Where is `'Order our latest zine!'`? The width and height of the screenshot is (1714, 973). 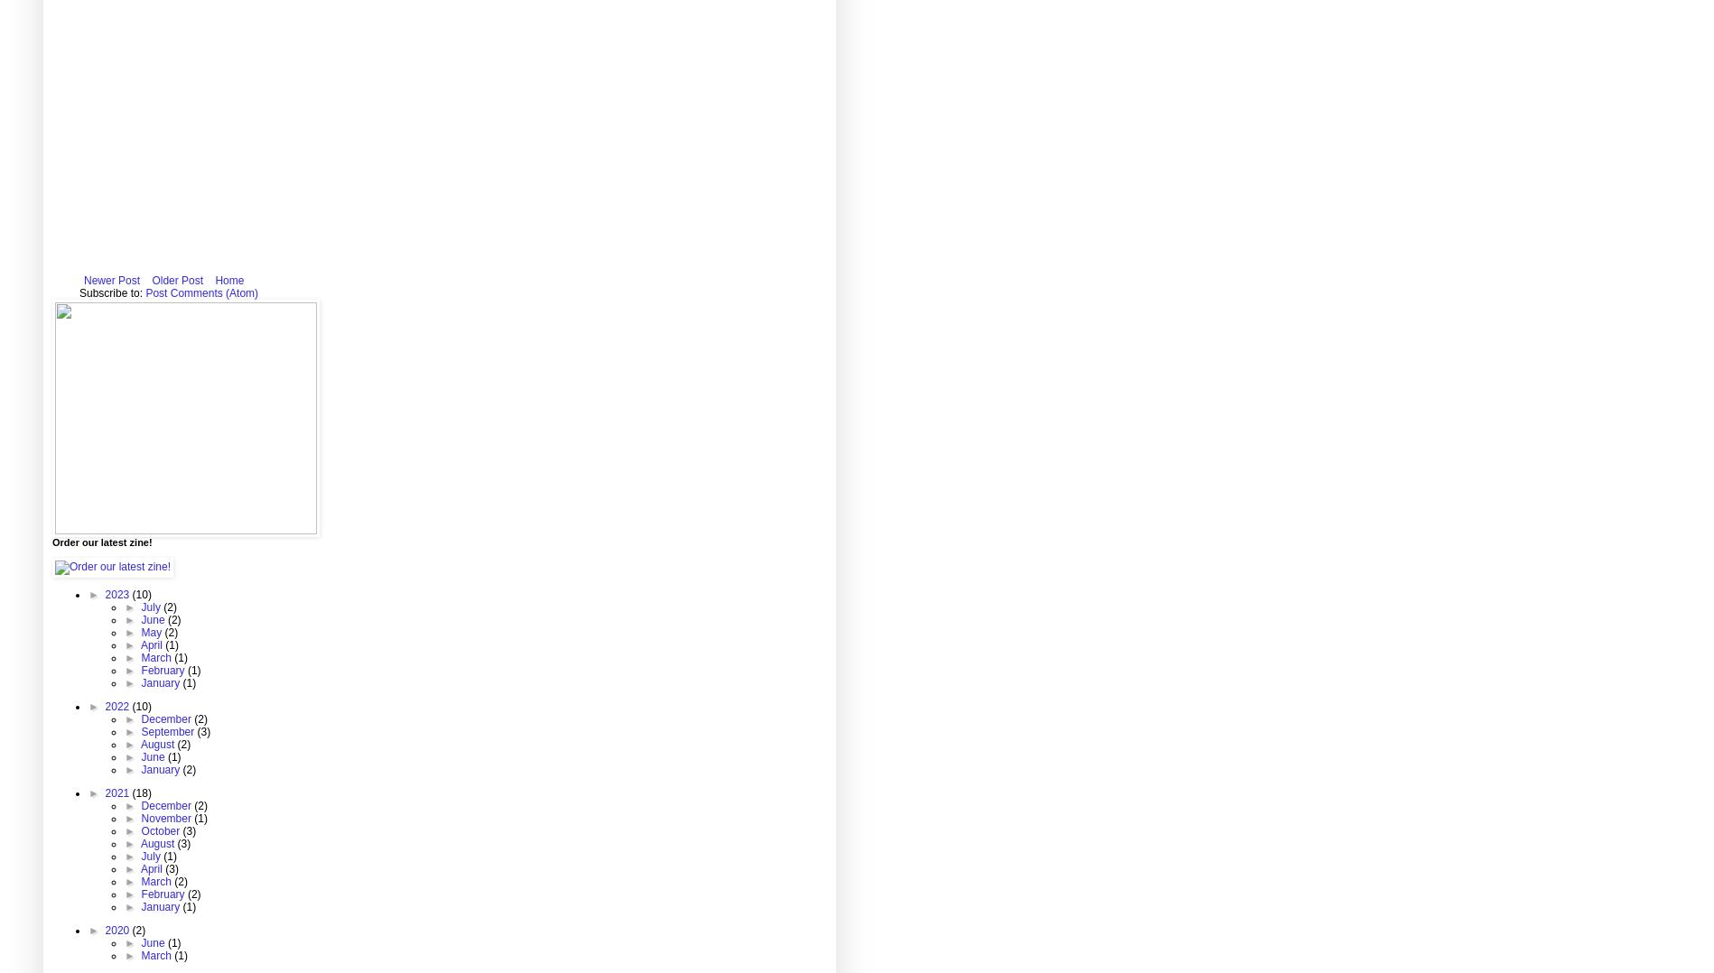 'Order our latest zine!' is located at coordinates (101, 542).